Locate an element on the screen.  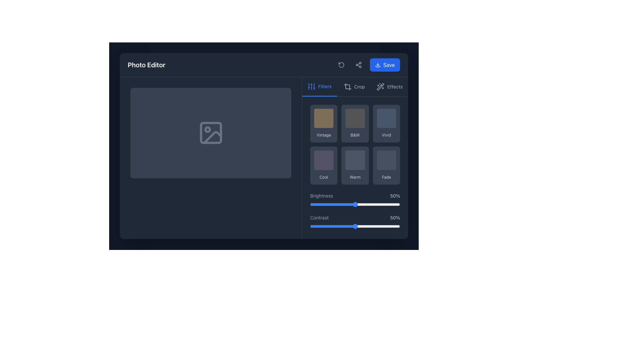
the contrast is located at coordinates (354, 226).